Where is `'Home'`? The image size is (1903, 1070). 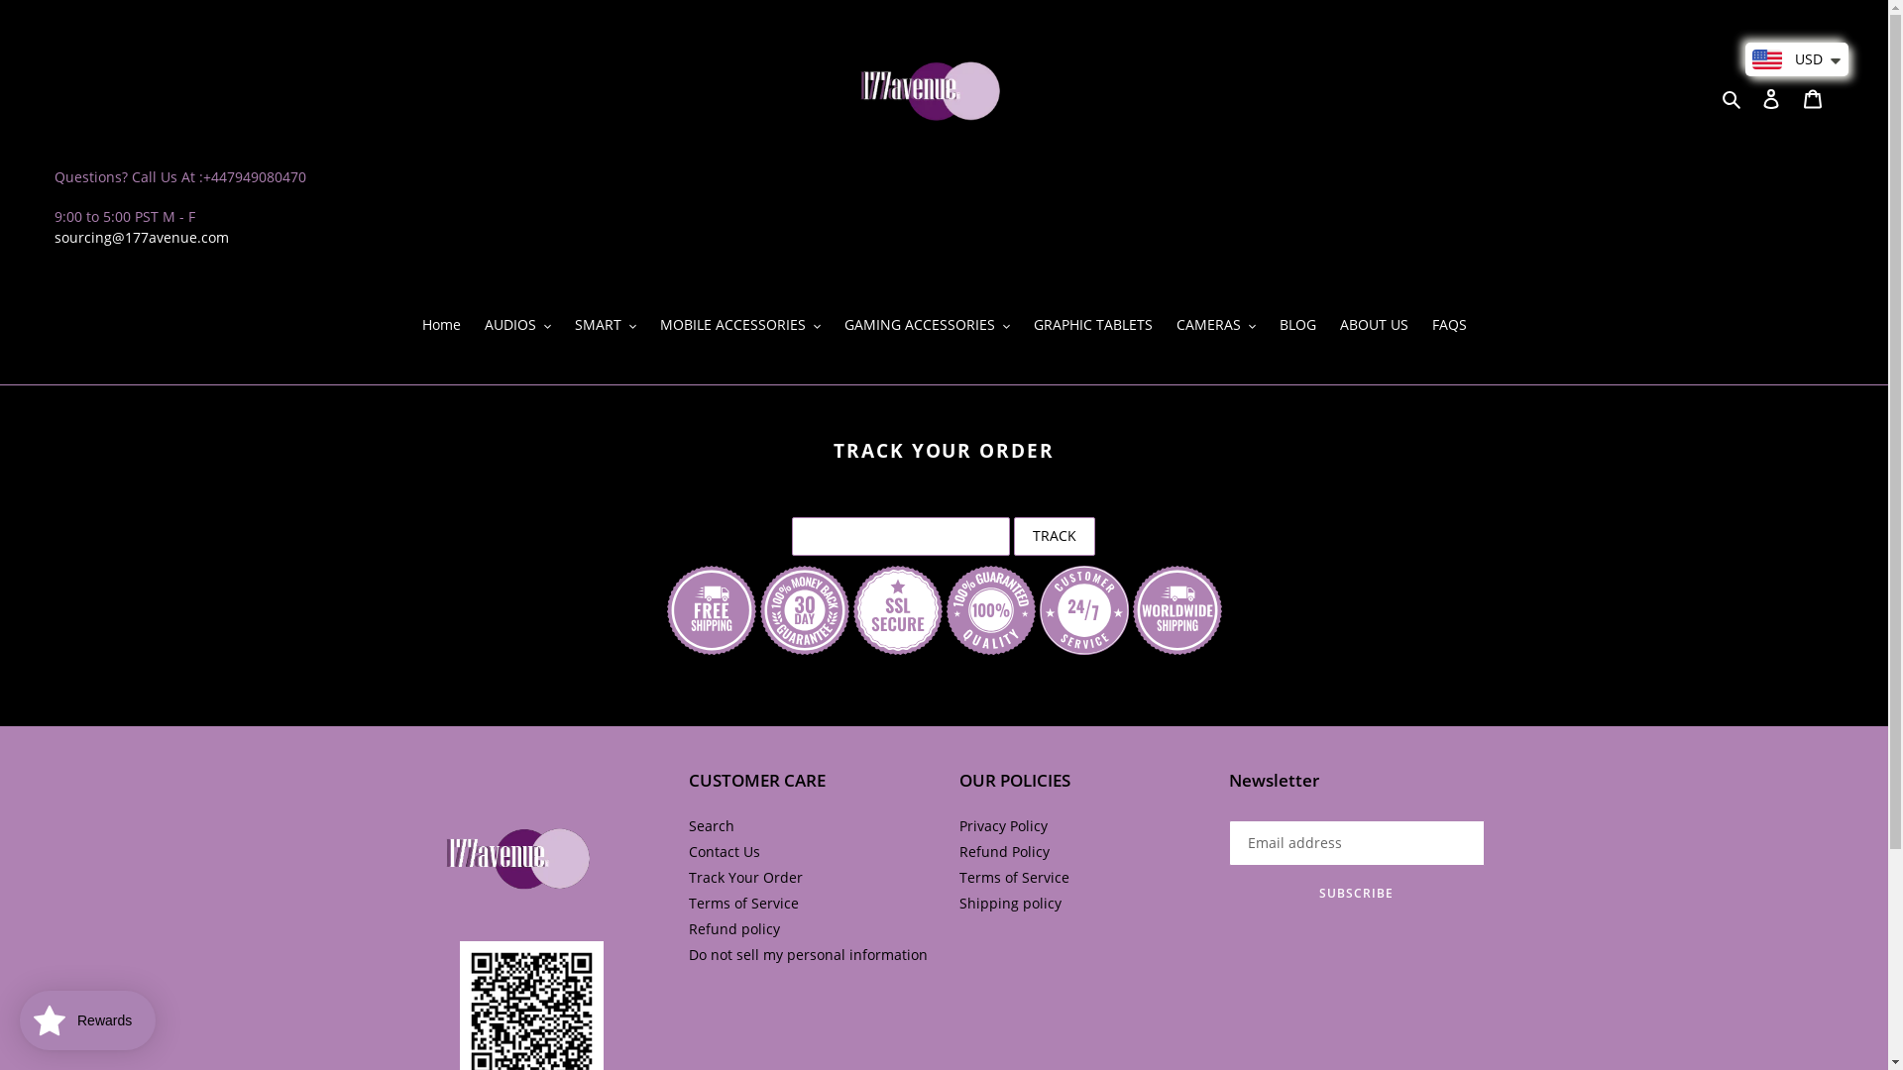 'Home' is located at coordinates (440, 324).